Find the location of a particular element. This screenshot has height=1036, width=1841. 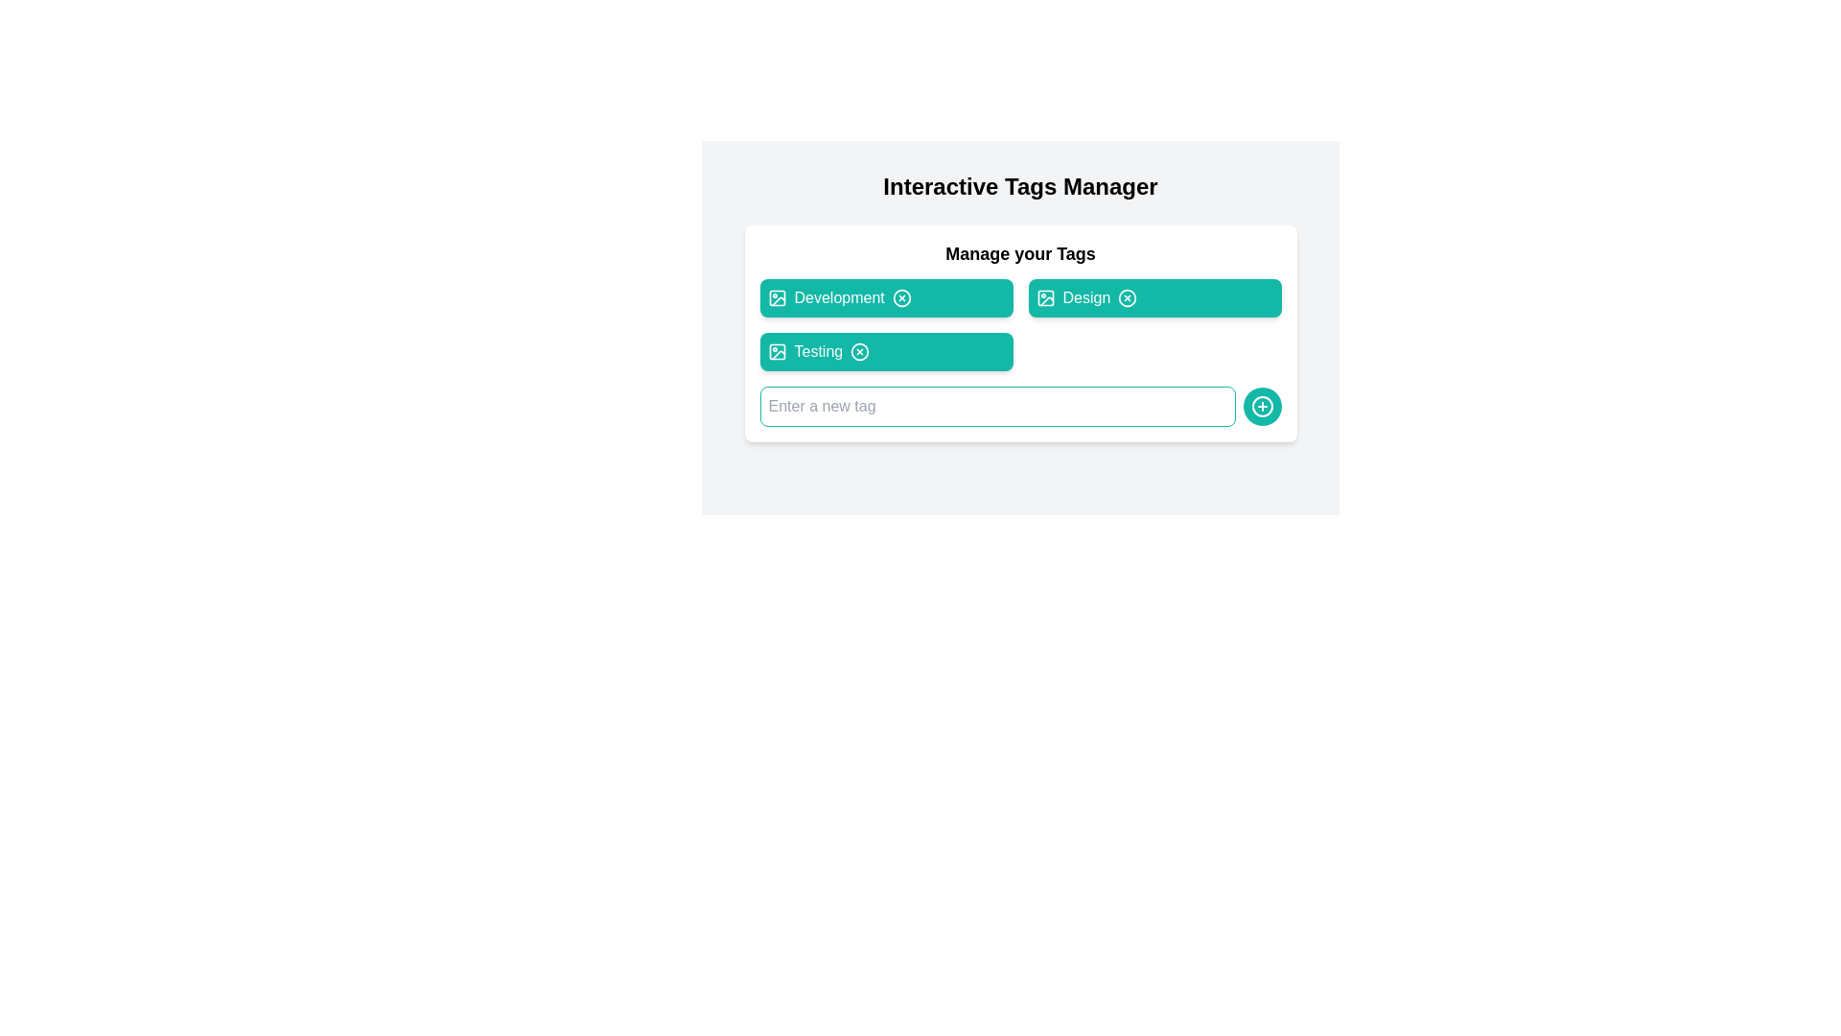

the 'Development' text label styled within a colored tag, located in the 'Manage your Tags' section is located at coordinates (839, 298).